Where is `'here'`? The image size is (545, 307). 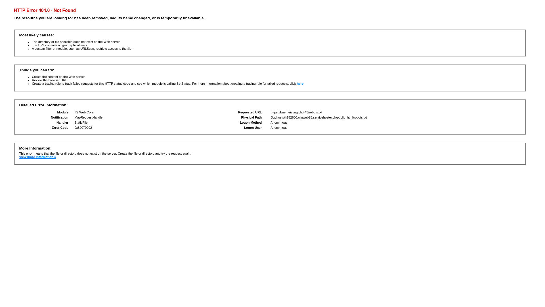 'here' is located at coordinates (300, 83).